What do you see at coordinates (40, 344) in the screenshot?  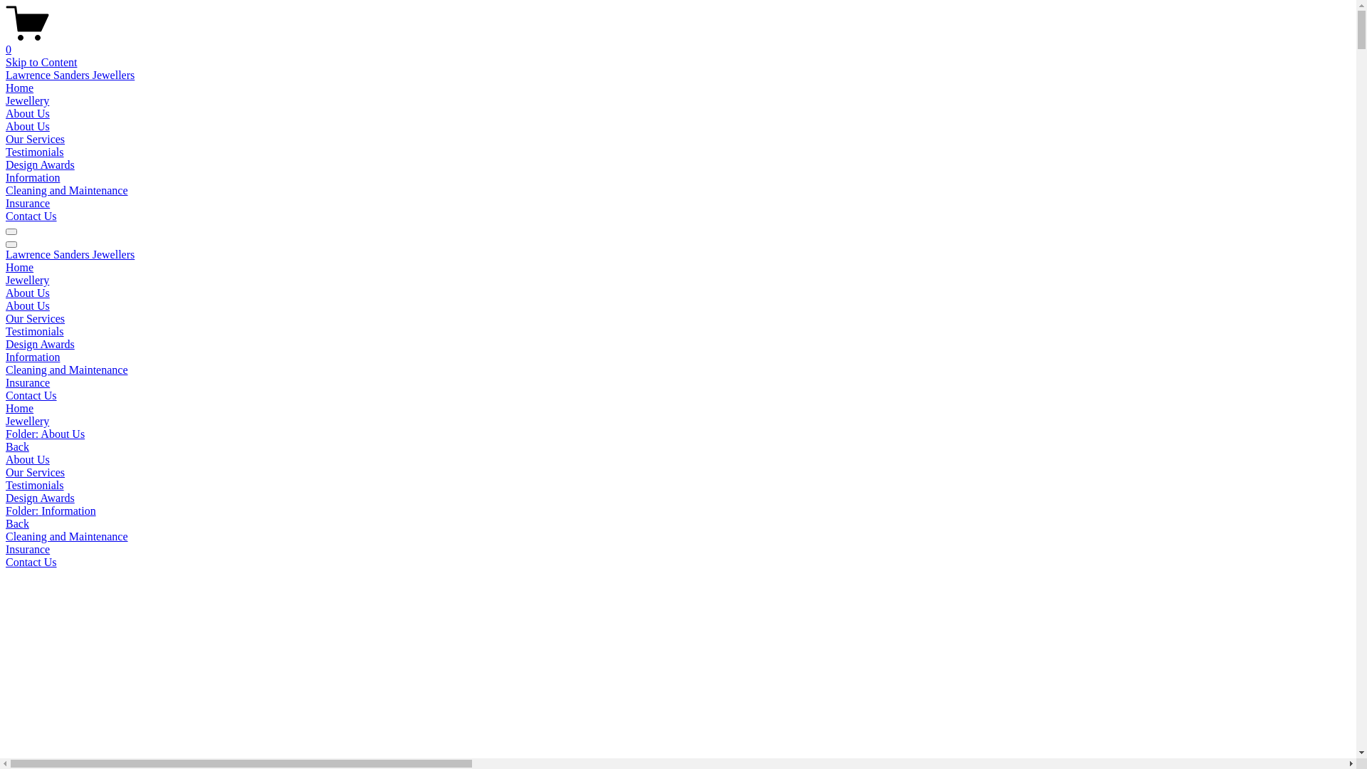 I see `'Design Awards'` at bounding box center [40, 344].